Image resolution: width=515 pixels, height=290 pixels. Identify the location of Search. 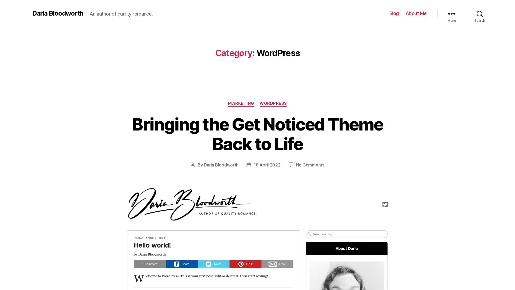
(480, 13).